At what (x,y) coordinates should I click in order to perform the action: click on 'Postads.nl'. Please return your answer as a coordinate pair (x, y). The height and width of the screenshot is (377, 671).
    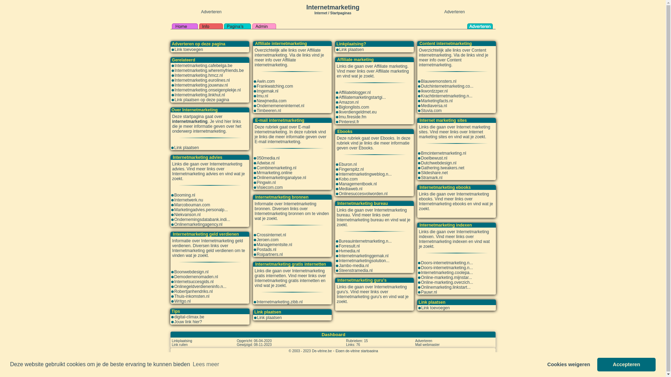
    Looking at the image, I should click on (266, 249).